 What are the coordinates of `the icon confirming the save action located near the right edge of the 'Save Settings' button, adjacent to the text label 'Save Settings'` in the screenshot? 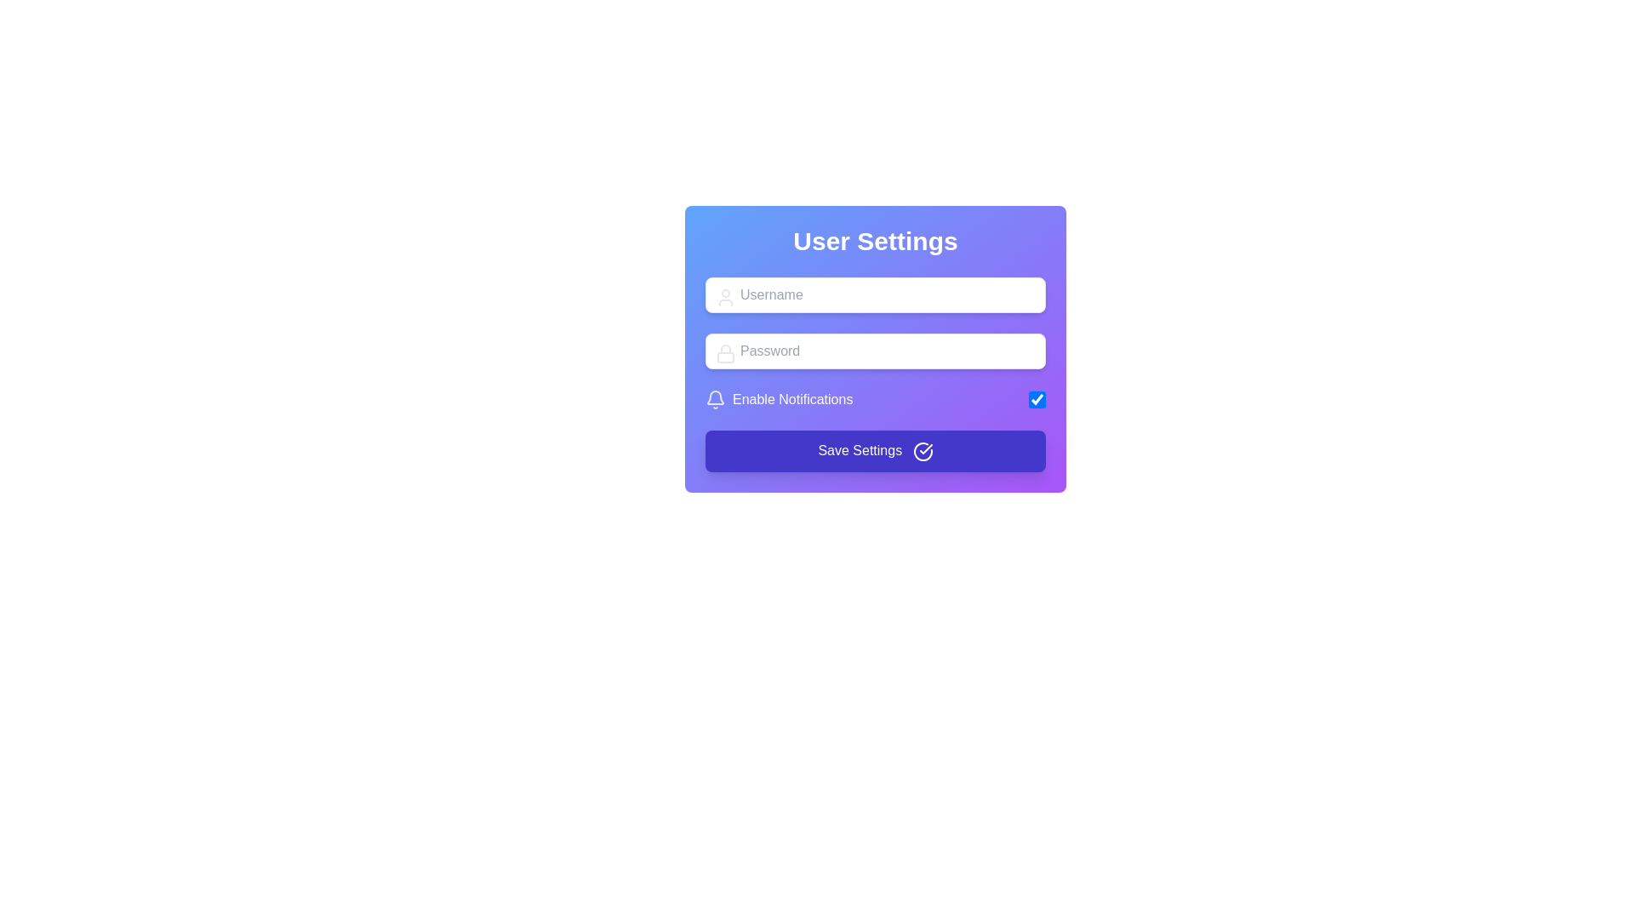 It's located at (922, 450).